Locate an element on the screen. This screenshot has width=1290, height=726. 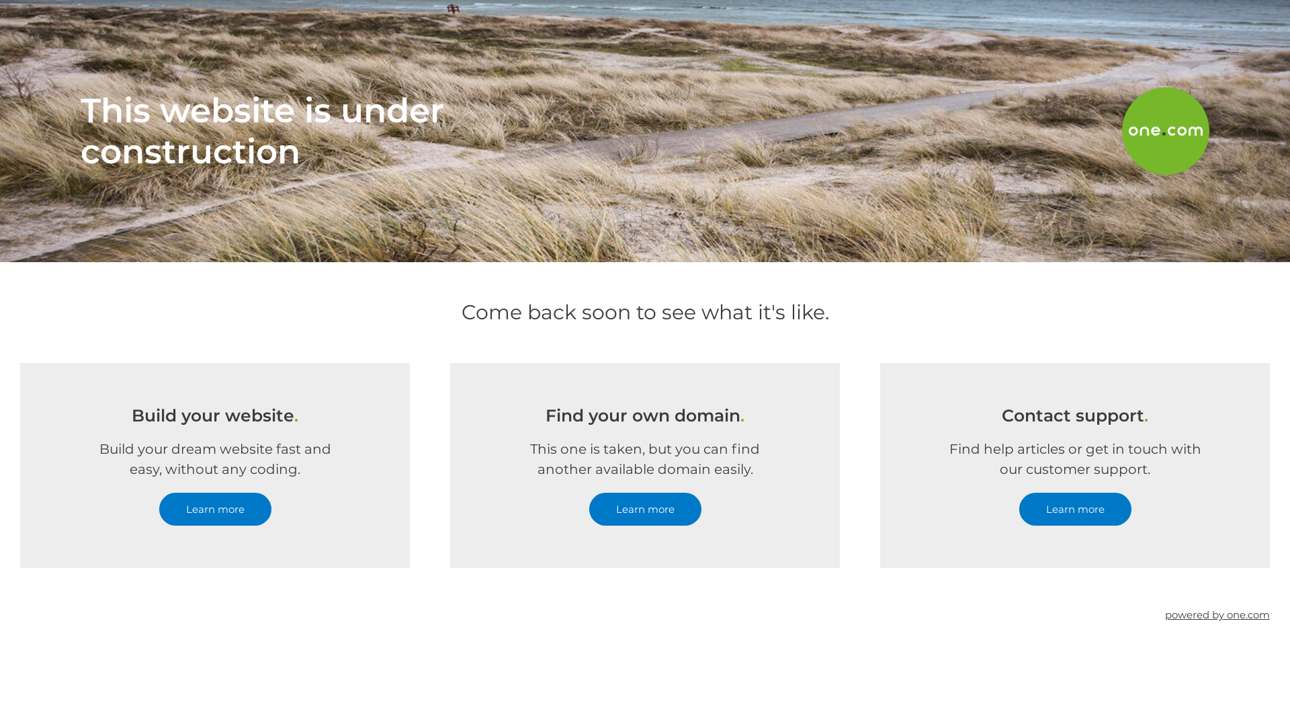
'Learn more' is located at coordinates (1074, 509).